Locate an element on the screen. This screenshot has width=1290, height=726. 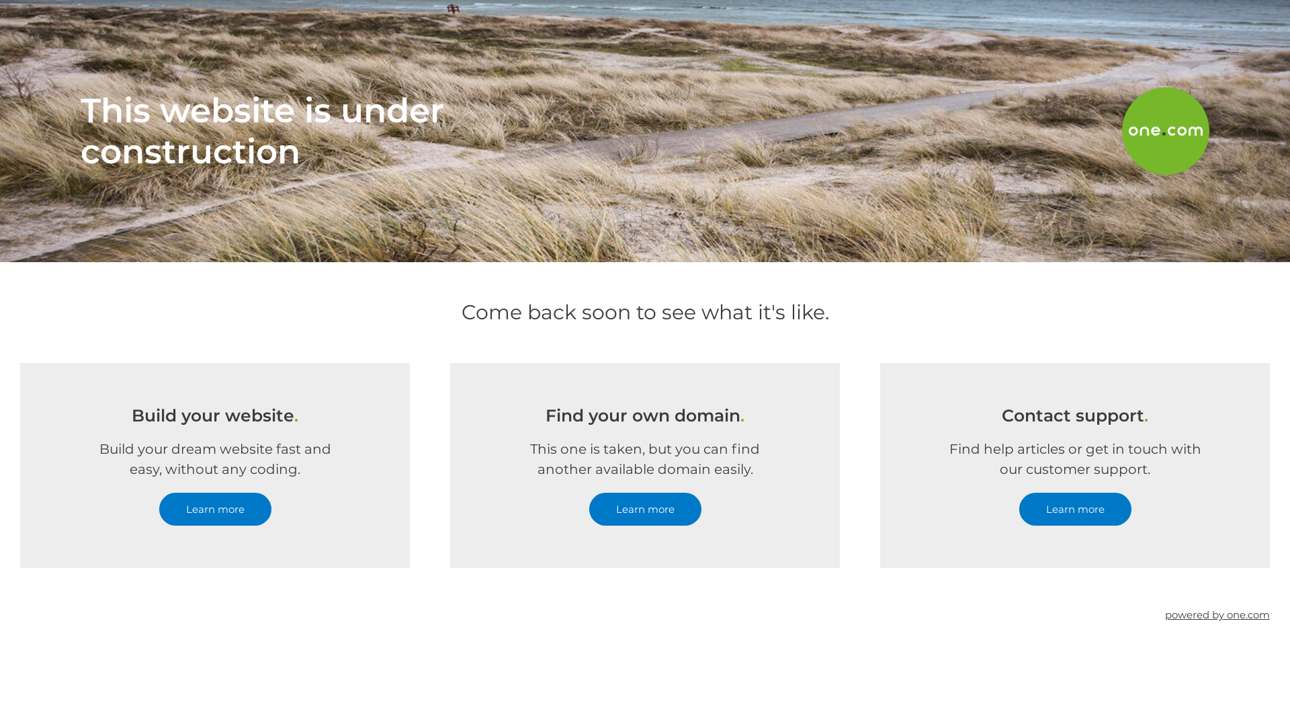
'Learn more' is located at coordinates (1074, 509).